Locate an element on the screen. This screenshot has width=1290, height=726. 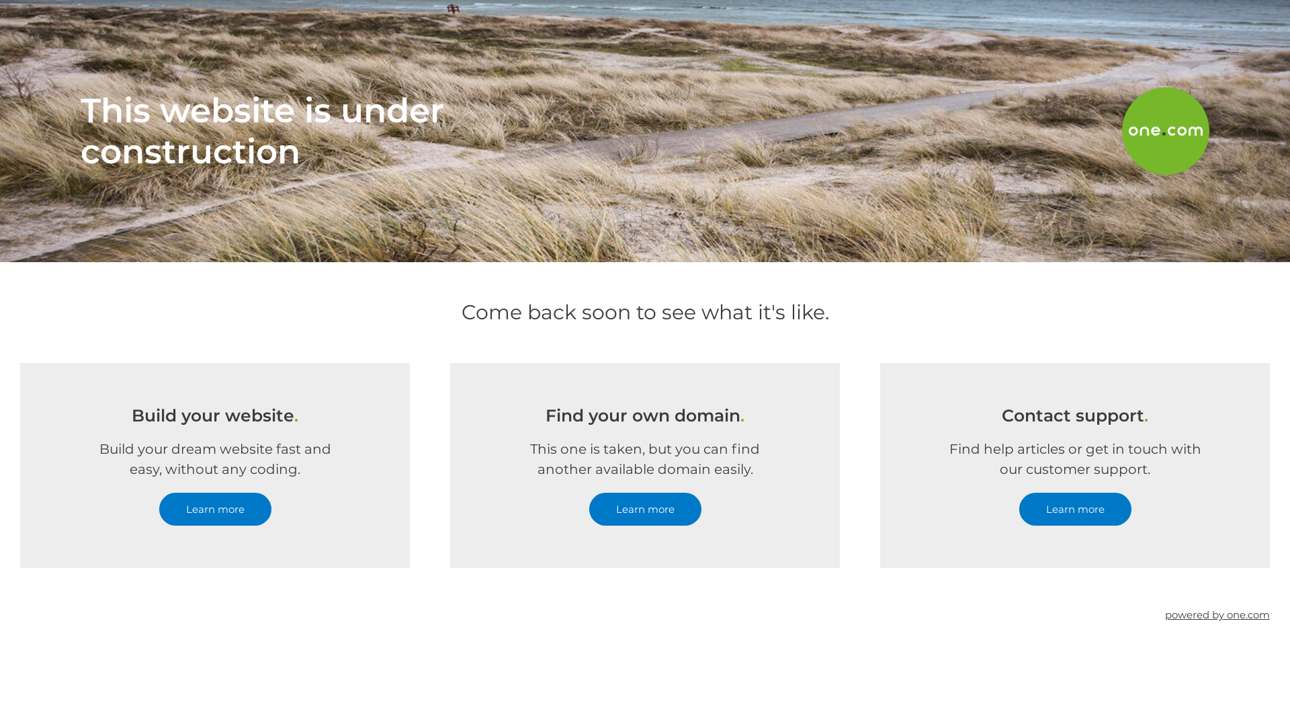
'Learn more' is located at coordinates (1074, 509).